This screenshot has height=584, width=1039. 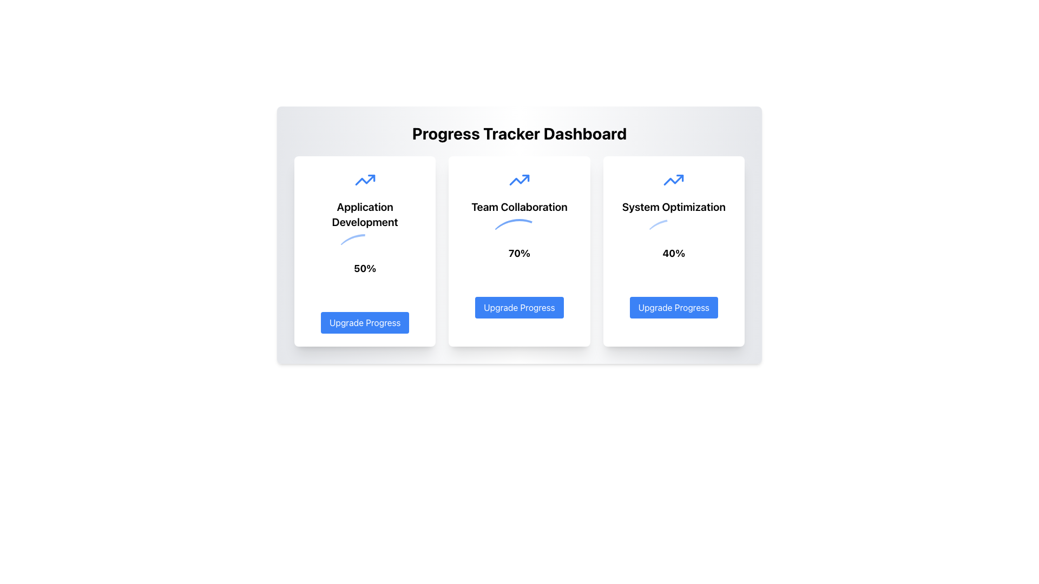 What do you see at coordinates (673, 251) in the screenshot?
I see `percentage value and status information from the 'System Optimization' Status Card Widget, which is the third widget in a three-column layout on the dashboard` at bounding box center [673, 251].